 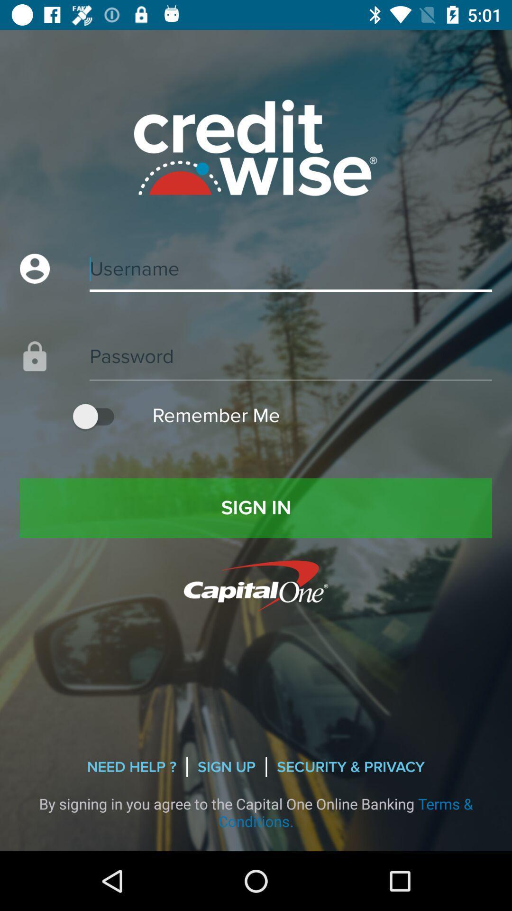 I want to click on the need help ? item, so click(x=131, y=767).